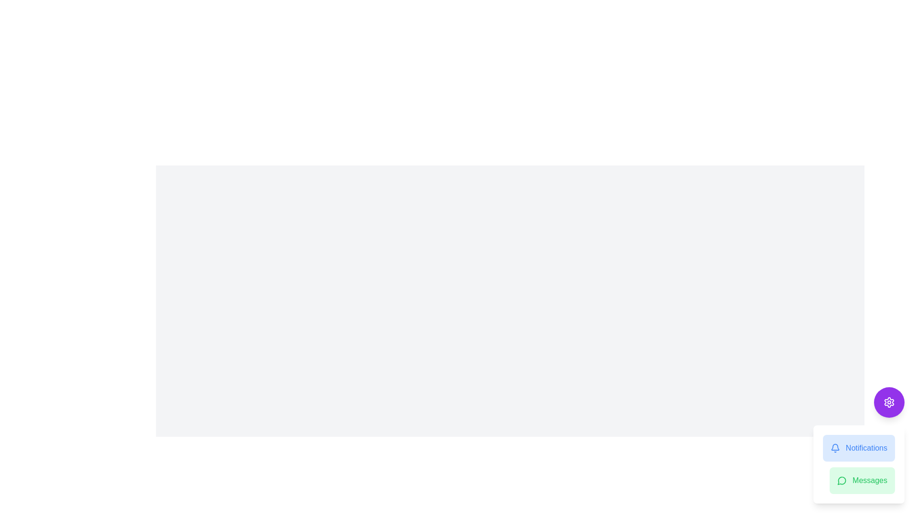  What do you see at coordinates (842, 481) in the screenshot?
I see `the circular chat bubble icon embedded within the green 'Messages' button located in the bottom-right corner of the interface` at bounding box center [842, 481].